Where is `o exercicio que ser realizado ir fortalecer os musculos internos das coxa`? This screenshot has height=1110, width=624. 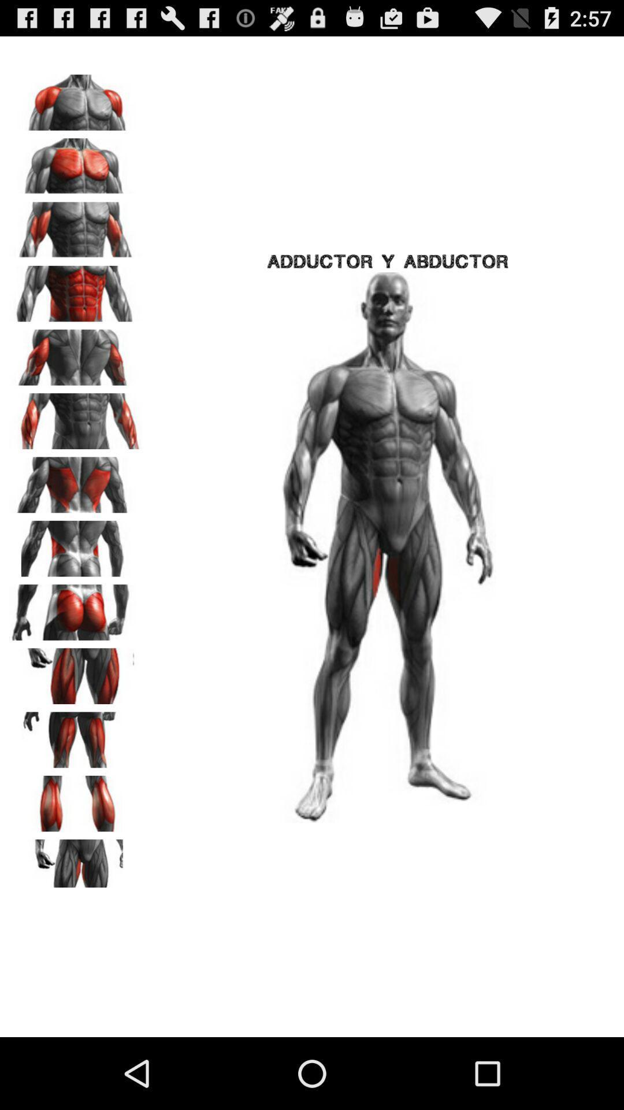 o exercicio que ser realizado ir fortalecer os musculos internos das coxa is located at coordinates (76, 863).